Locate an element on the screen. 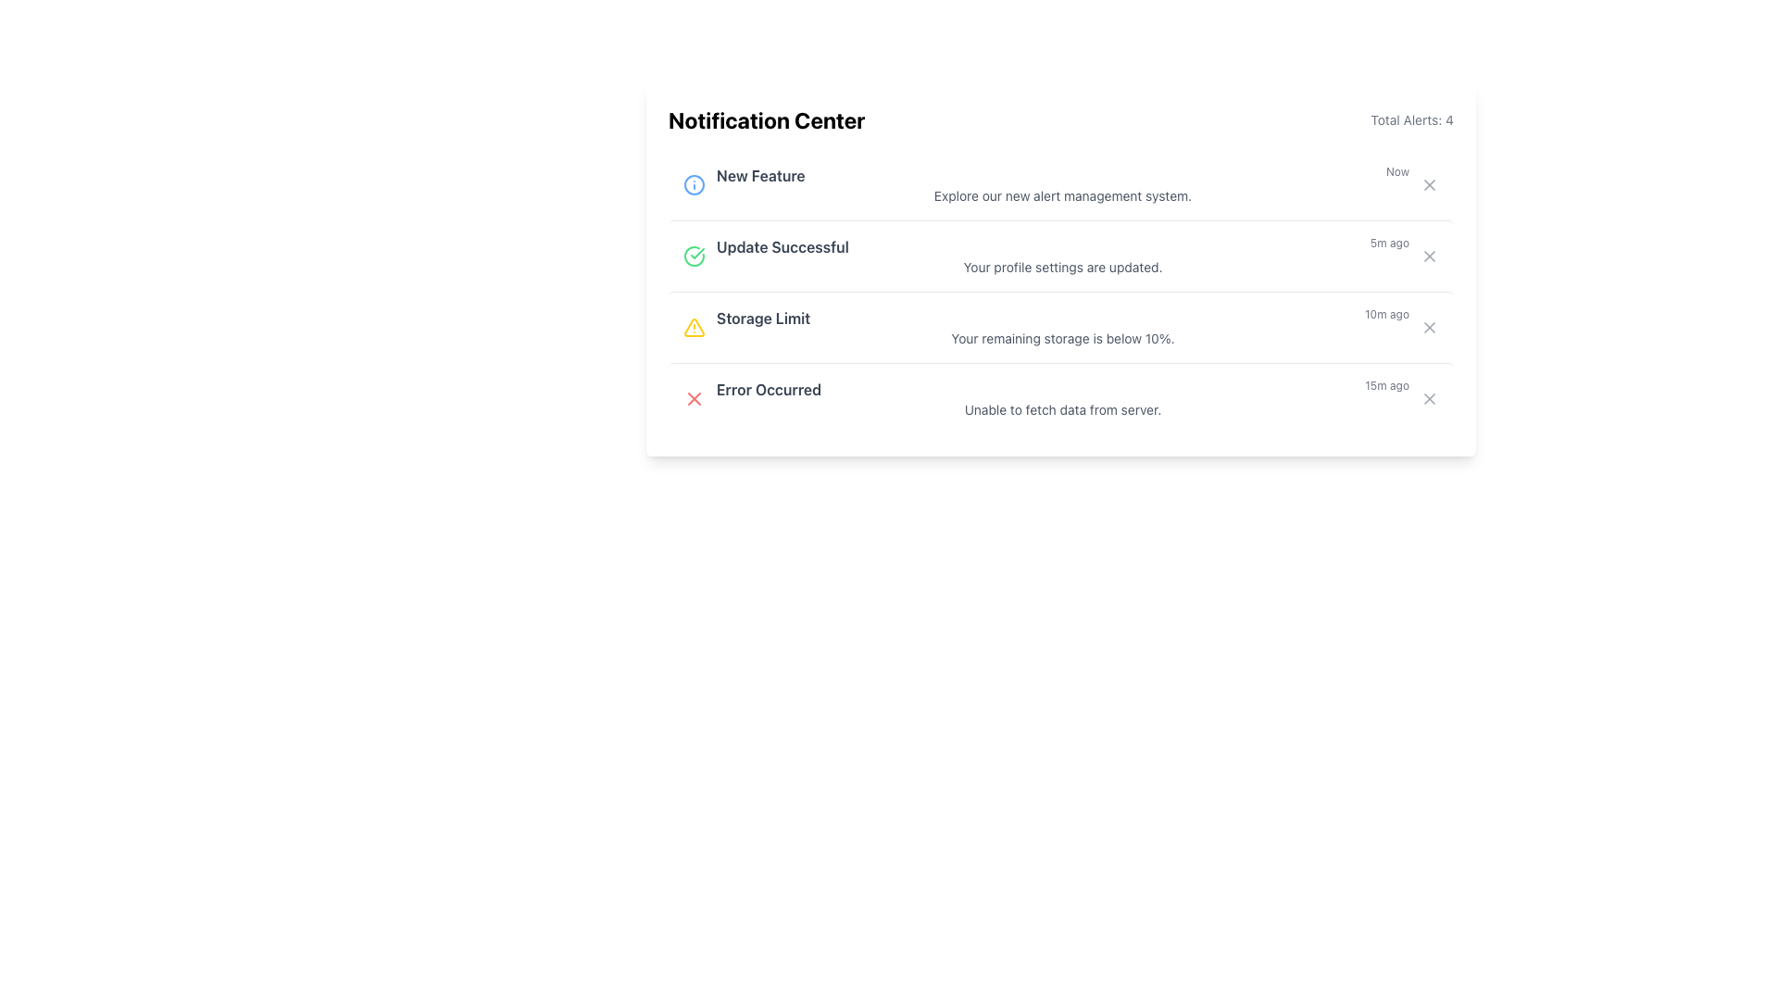  text 'New Feature' displayed in bold gray font at the top of the notification list, positioned next to an informational icon is located at coordinates (760, 175).